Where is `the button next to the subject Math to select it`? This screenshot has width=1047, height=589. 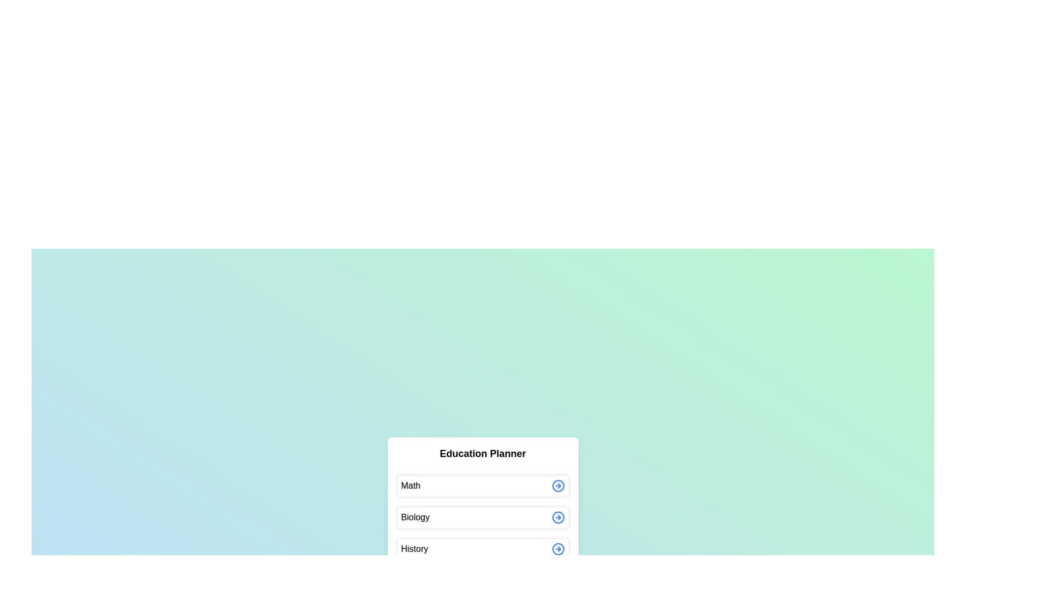 the button next to the subject Math to select it is located at coordinates (558, 485).